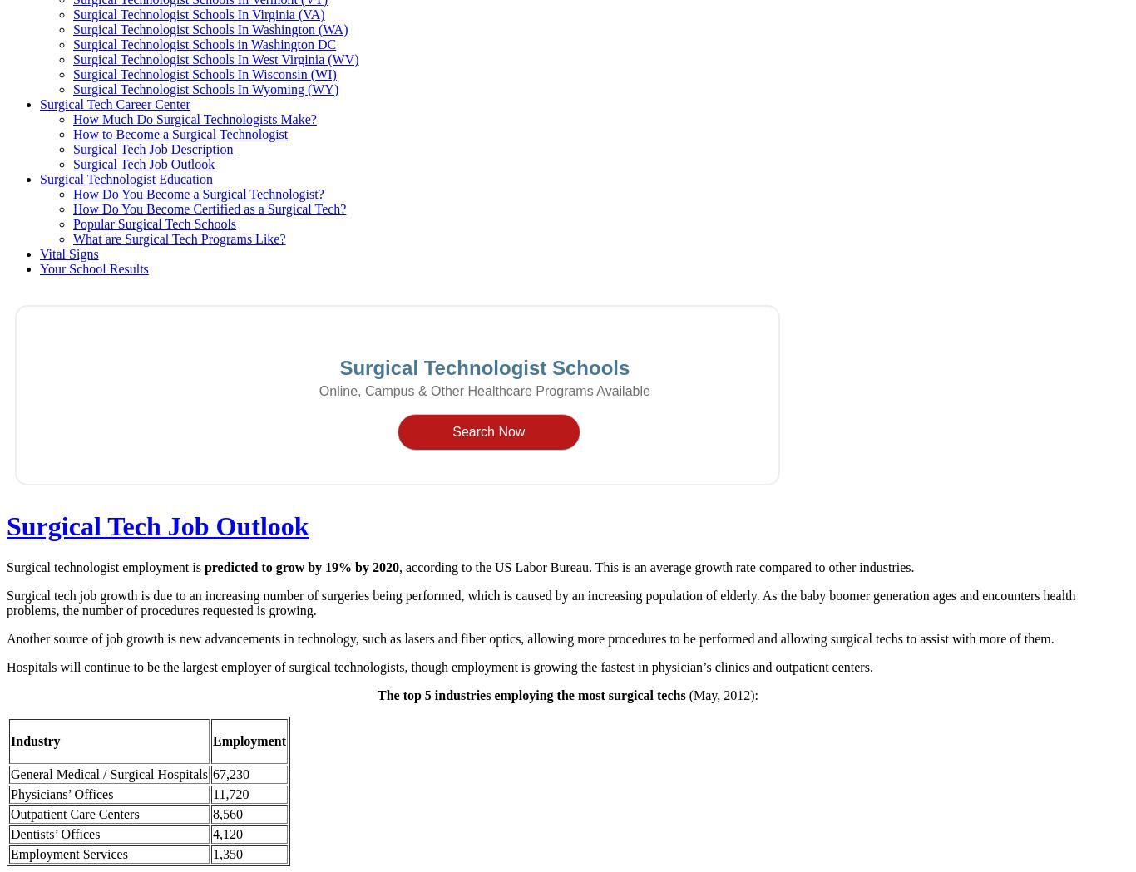 This screenshot has height=872, width=1136. Describe the element at coordinates (180, 133) in the screenshot. I see `'How to Become a Surgical Technologist'` at that location.